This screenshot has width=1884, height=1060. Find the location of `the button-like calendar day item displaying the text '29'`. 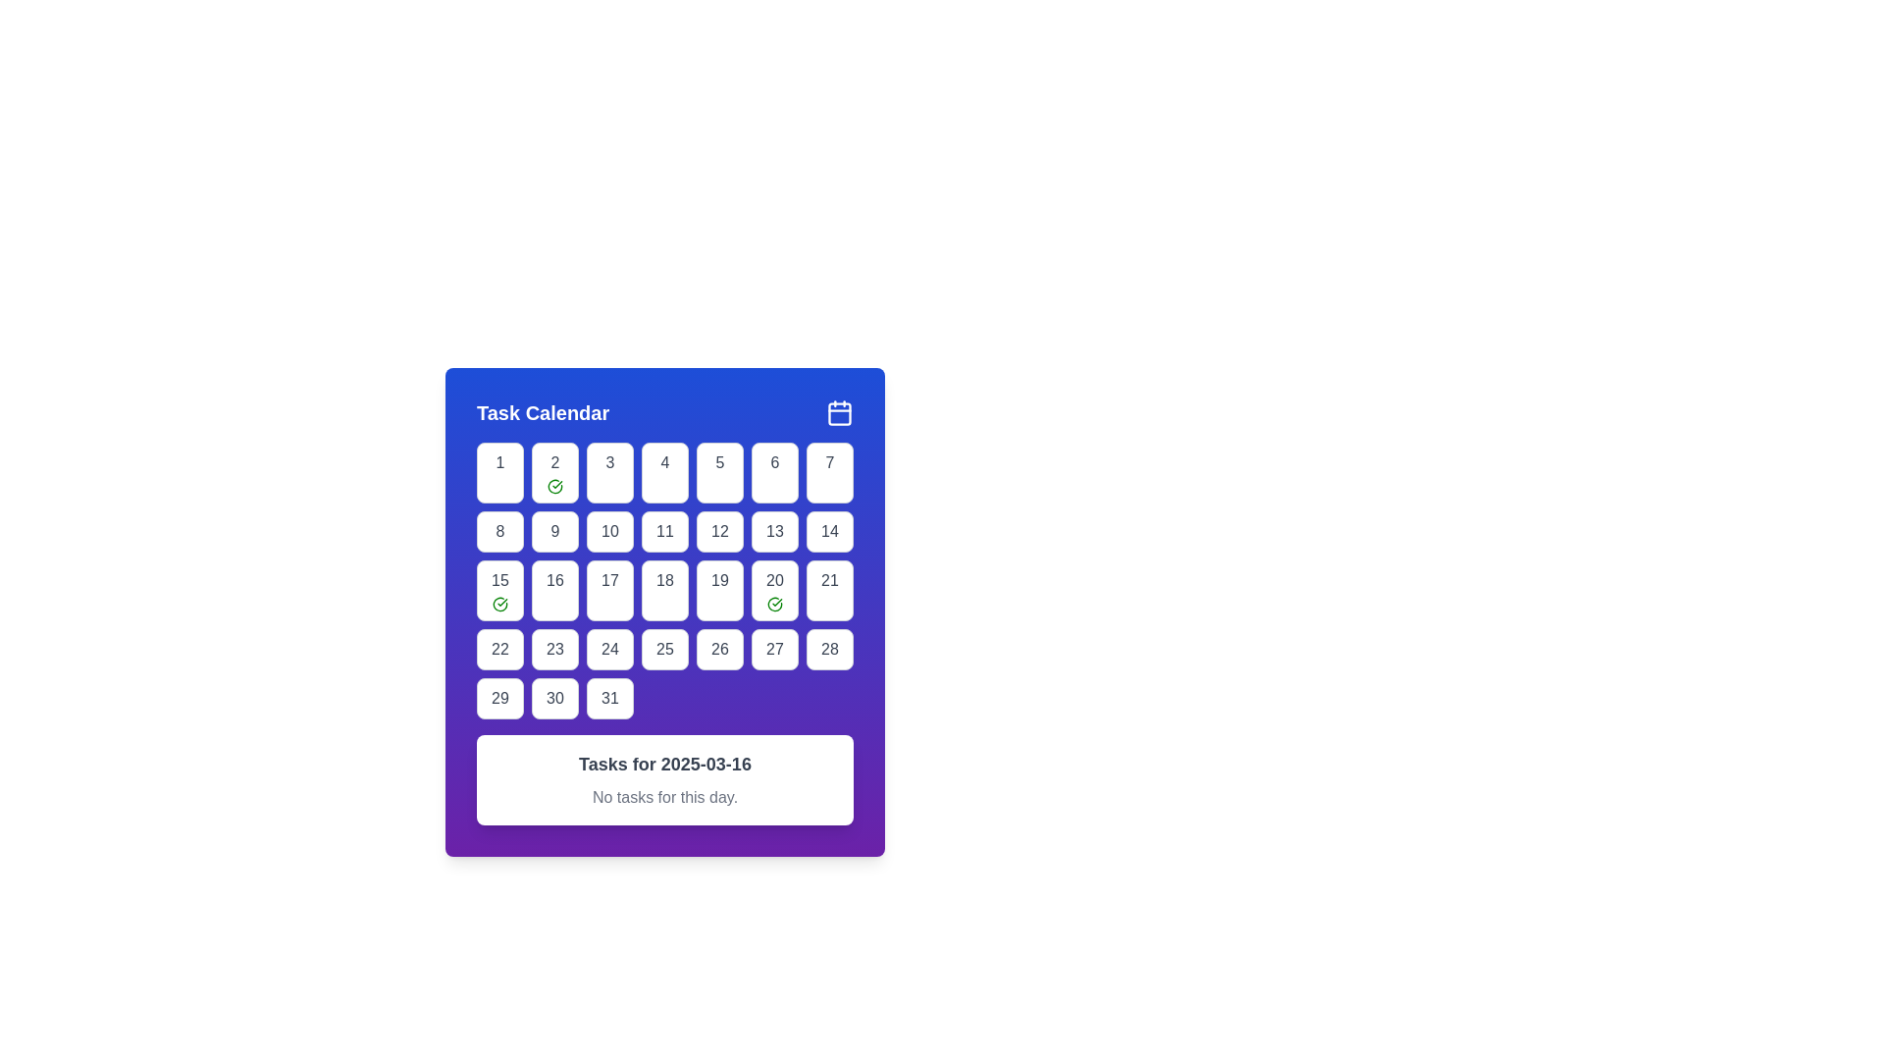

the button-like calendar day item displaying the text '29' is located at coordinates (499, 698).